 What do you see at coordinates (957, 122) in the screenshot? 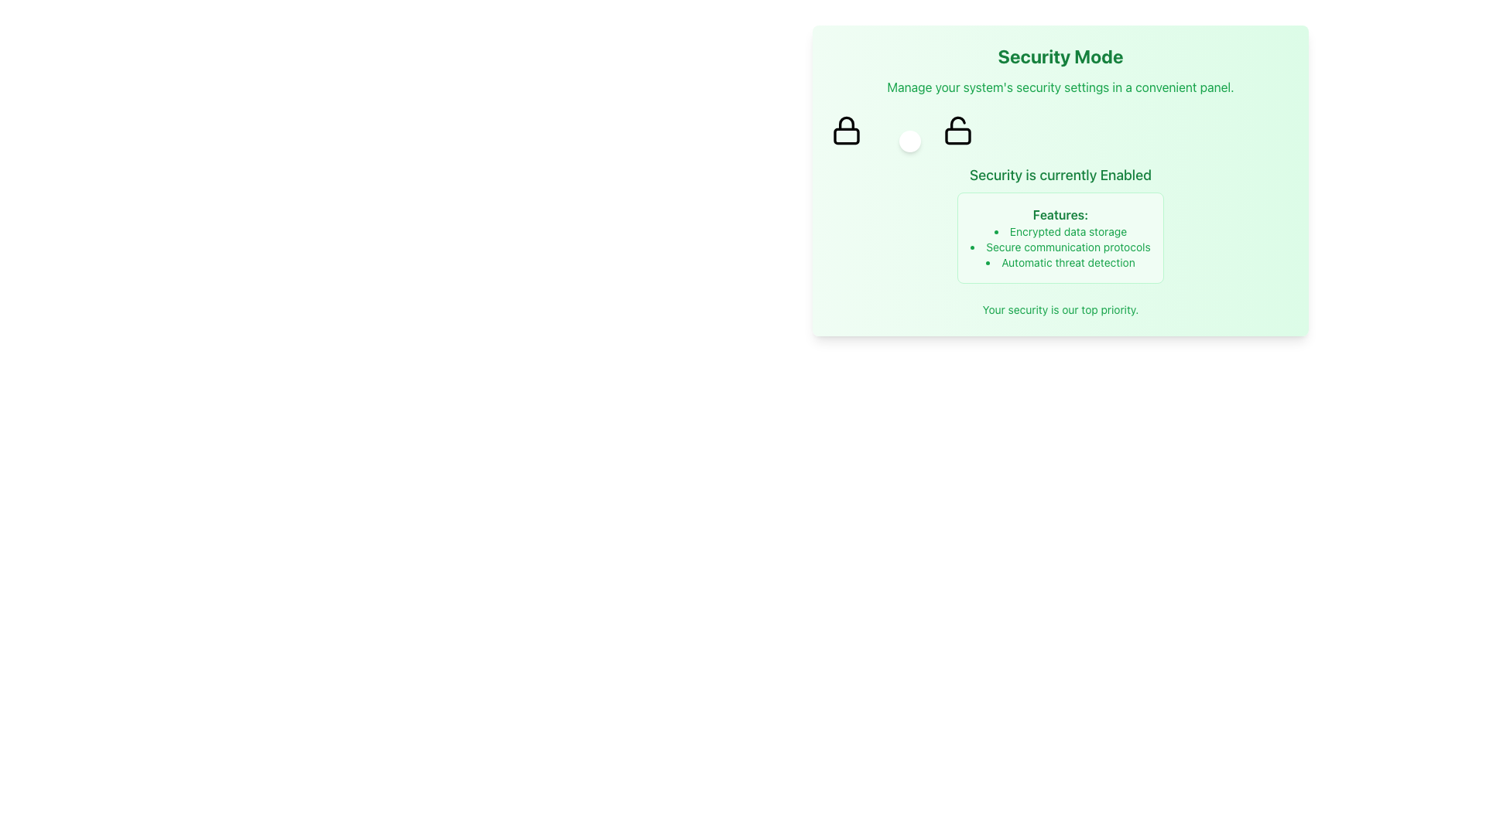
I see `the upper component (arc) of the open lock icon, which is part of a settings panel and visually appears disabled with a grayish stroke-style outline` at bounding box center [957, 122].